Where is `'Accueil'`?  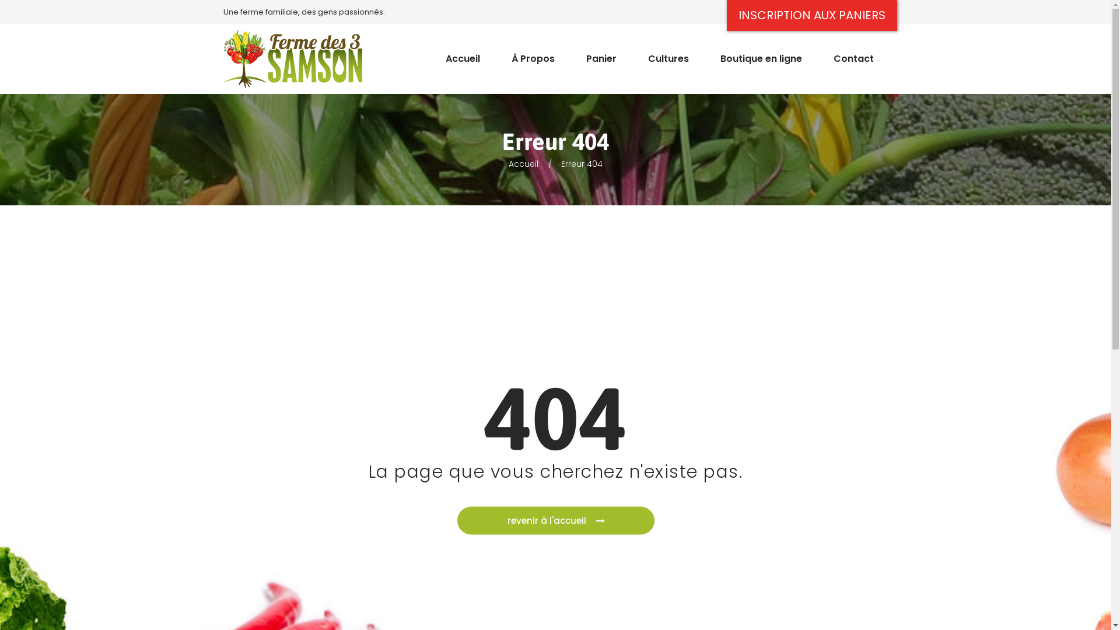
'Accueil' is located at coordinates (461, 53).